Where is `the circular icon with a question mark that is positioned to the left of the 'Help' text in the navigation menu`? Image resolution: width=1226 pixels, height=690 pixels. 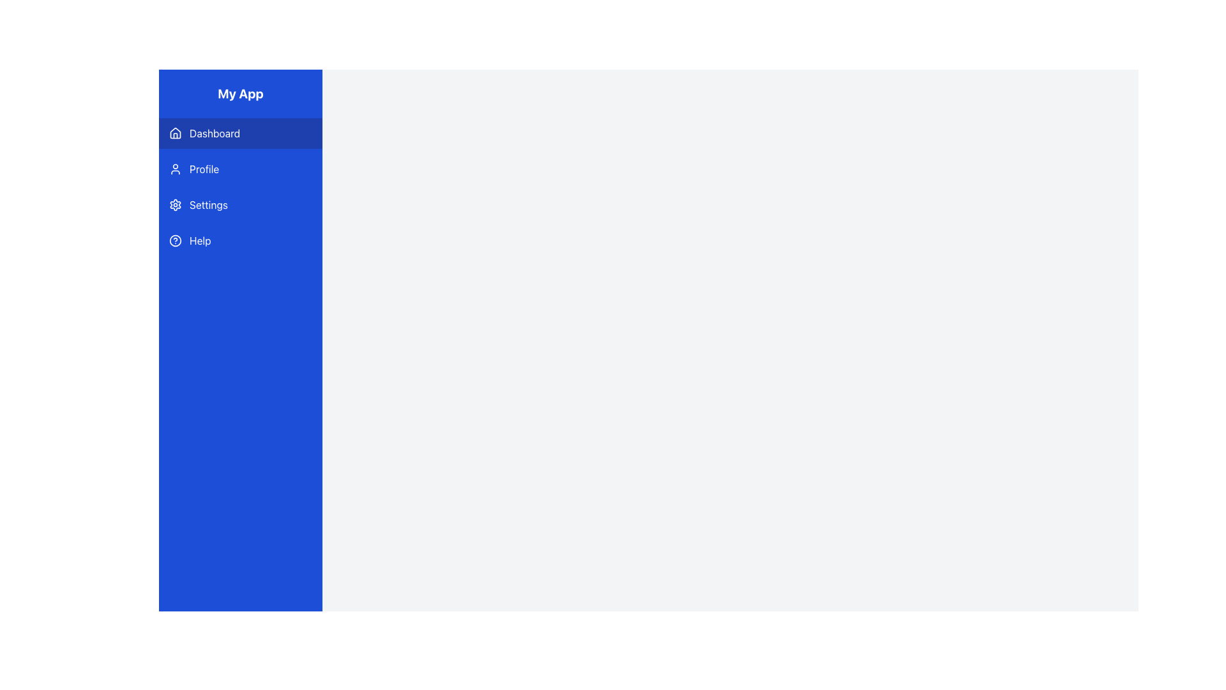
the circular icon with a question mark that is positioned to the left of the 'Help' text in the navigation menu is located at coordinates (174, 241).